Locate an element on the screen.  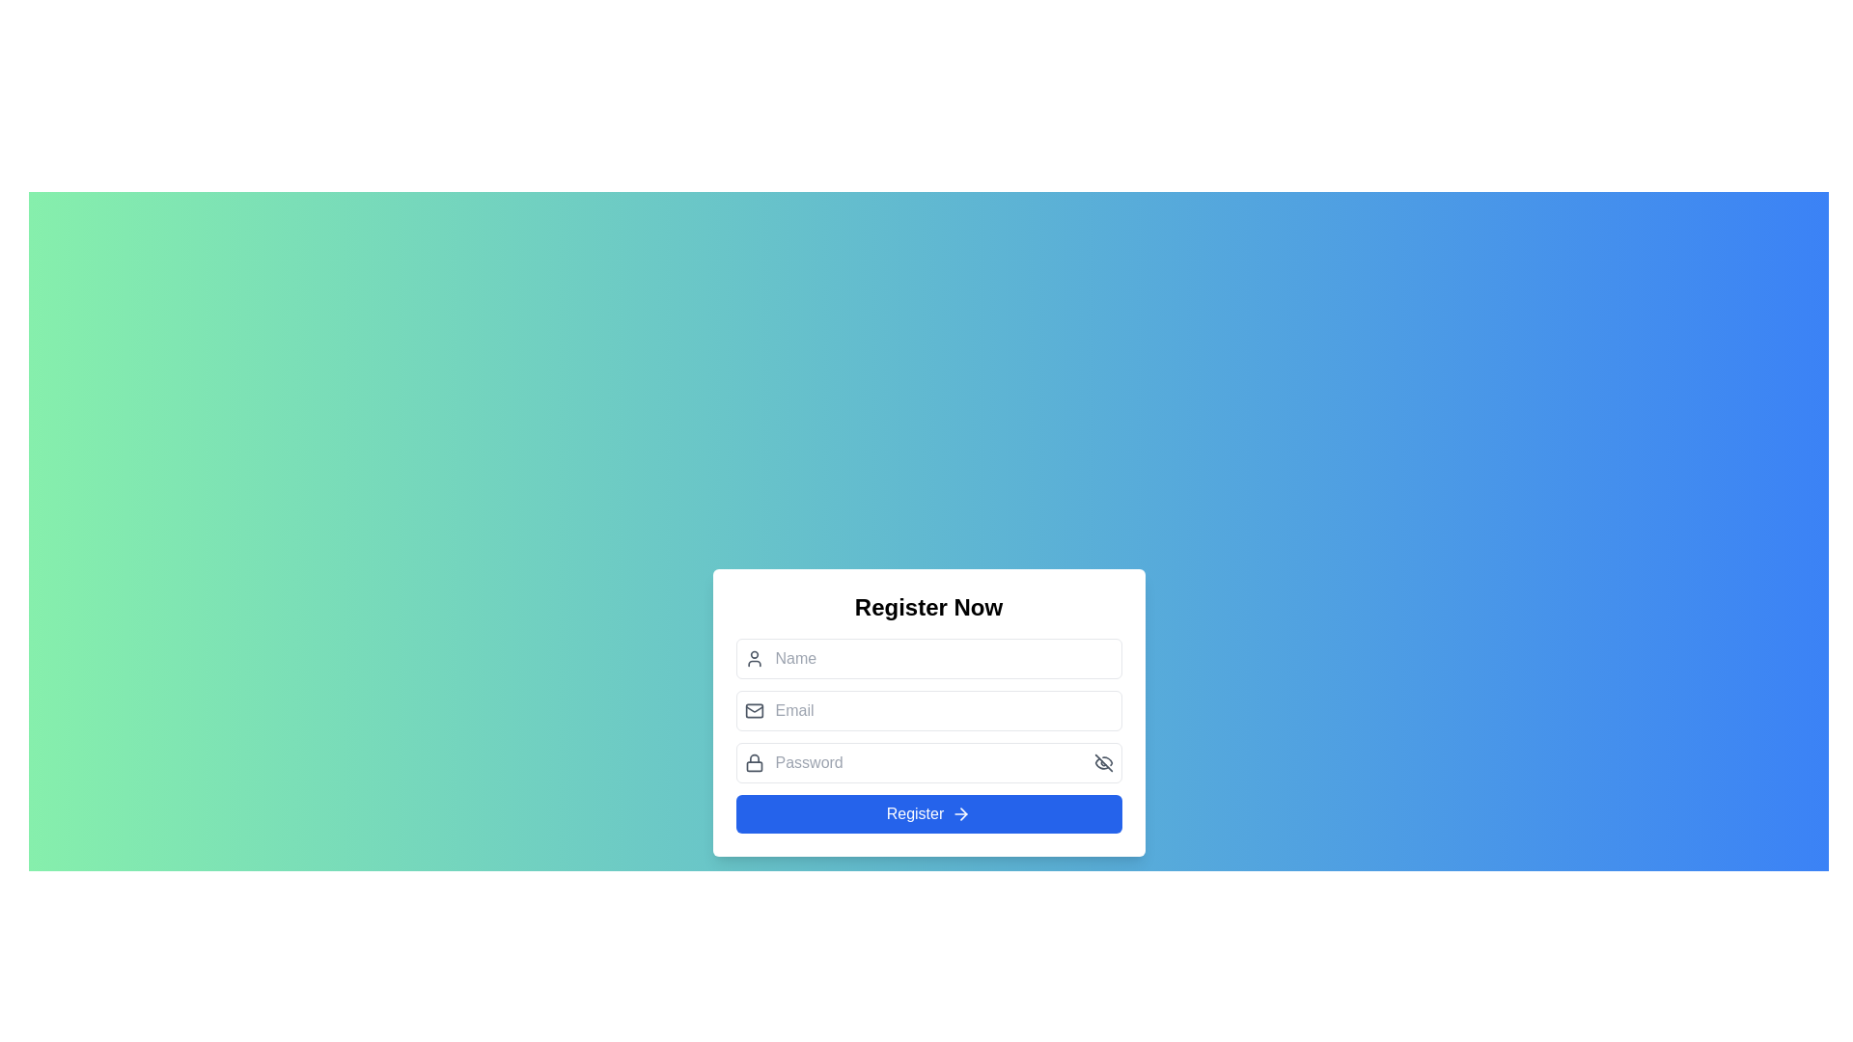
the right-facing arrow icon within the blue 'Register' button is located at coordinates (961, 814).